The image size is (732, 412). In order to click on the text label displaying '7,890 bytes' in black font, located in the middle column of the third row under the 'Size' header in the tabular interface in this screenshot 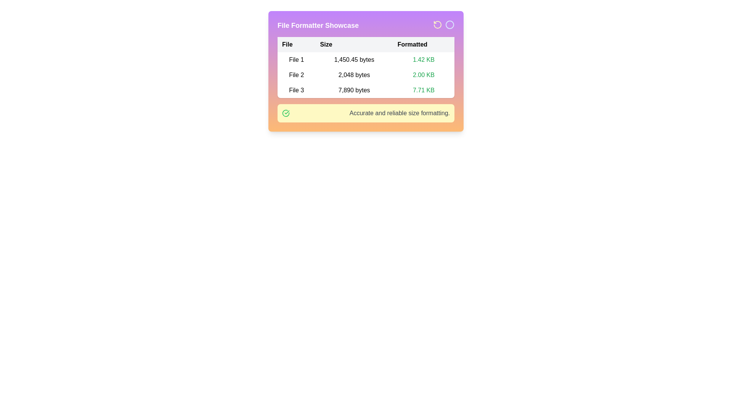, I will do `click(354, 90)`.